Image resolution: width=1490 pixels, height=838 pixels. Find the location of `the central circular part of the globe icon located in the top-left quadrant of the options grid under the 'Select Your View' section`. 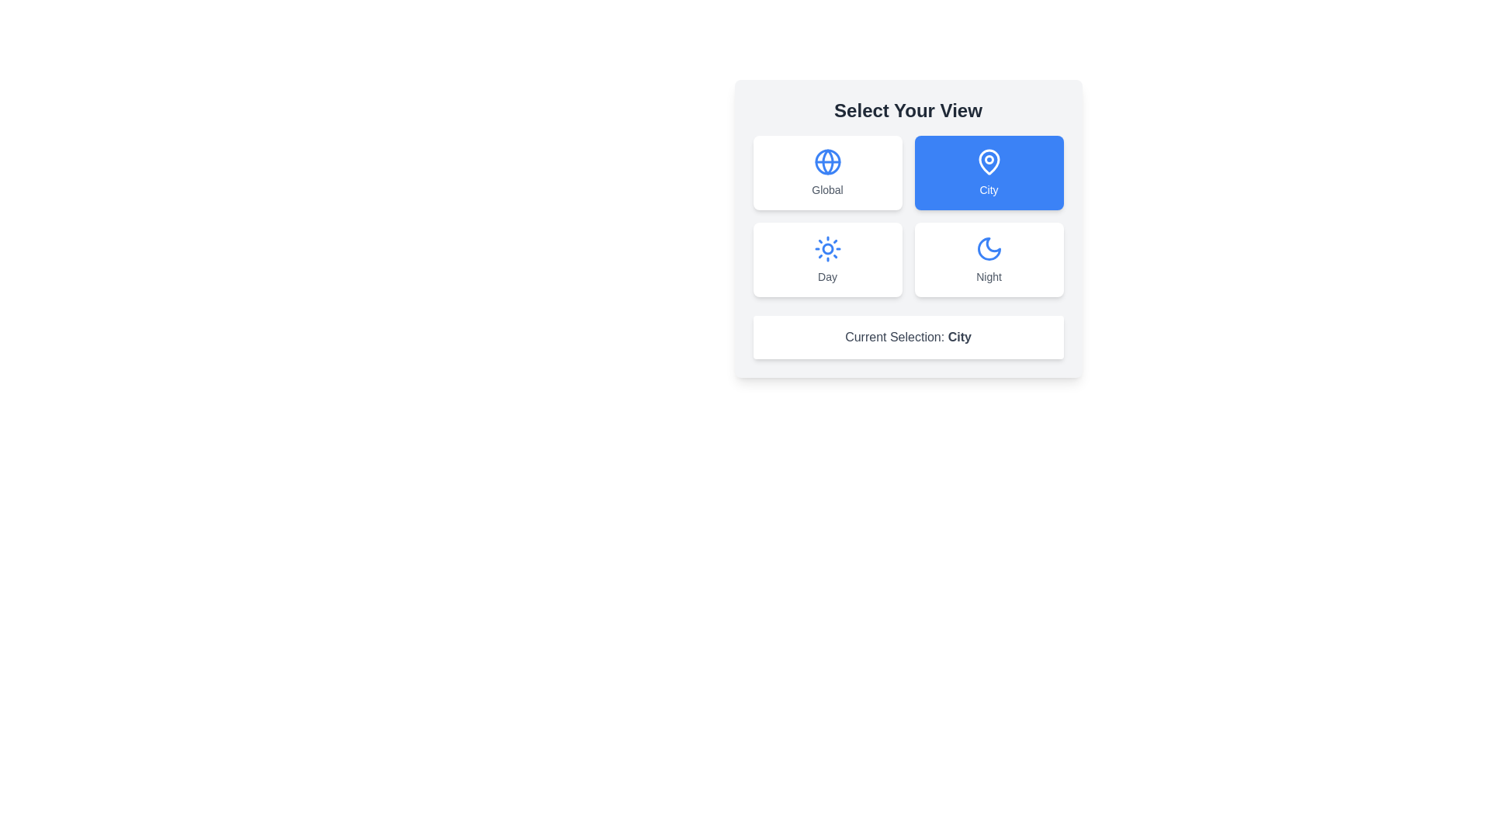

the central circular part of the globe icon located in the top-left quadrant of the options grid under the 'Select Your View' section is located at coordinates (826, 161).